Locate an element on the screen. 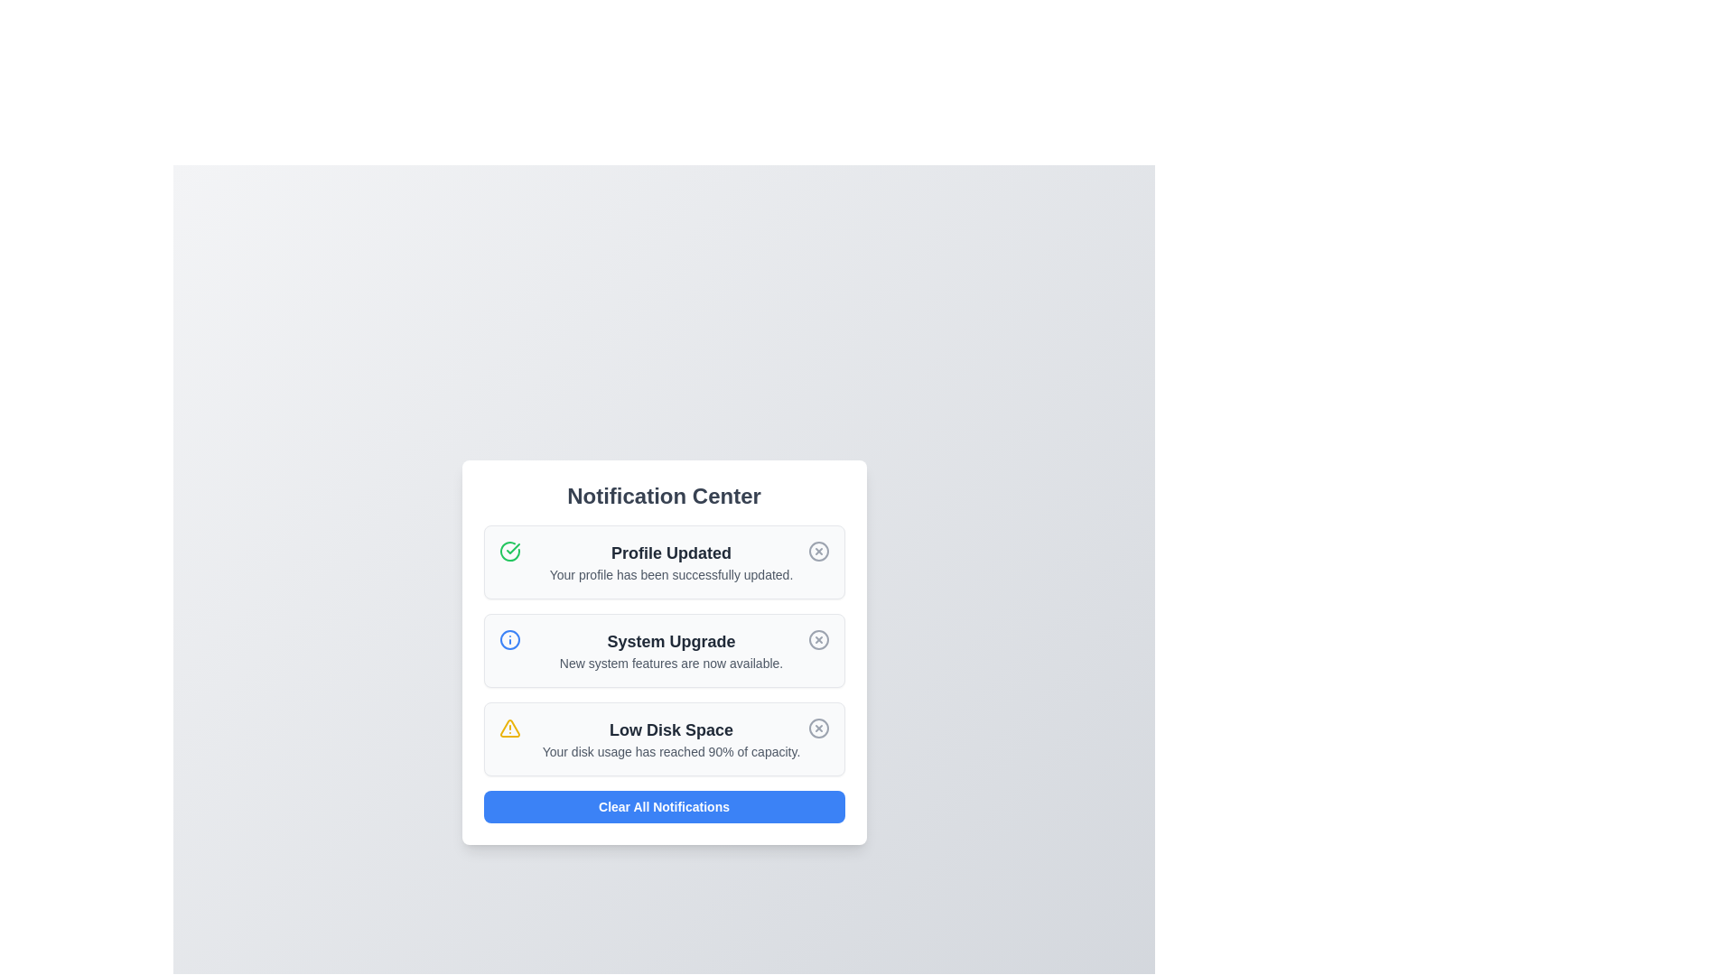 This screenshot has width=1734, height=975. the third notification card in the 'Notification Center' that informs the user about disk space reaching 90% of its capacity is located at coordinates (663, 738).